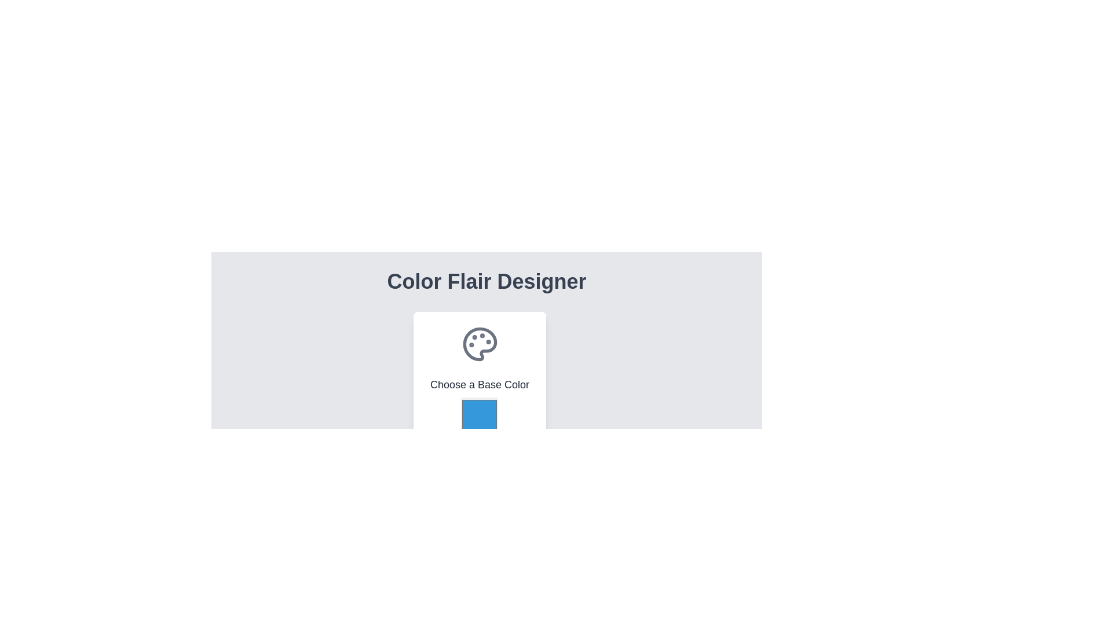  Describe the element at coordinates (480, 343) in the screenshot. I see `the palette icon, which is a circular silhouette with small color wells, located centrally at the top of the card component labeled 'Choose a Base Color'` at that location.